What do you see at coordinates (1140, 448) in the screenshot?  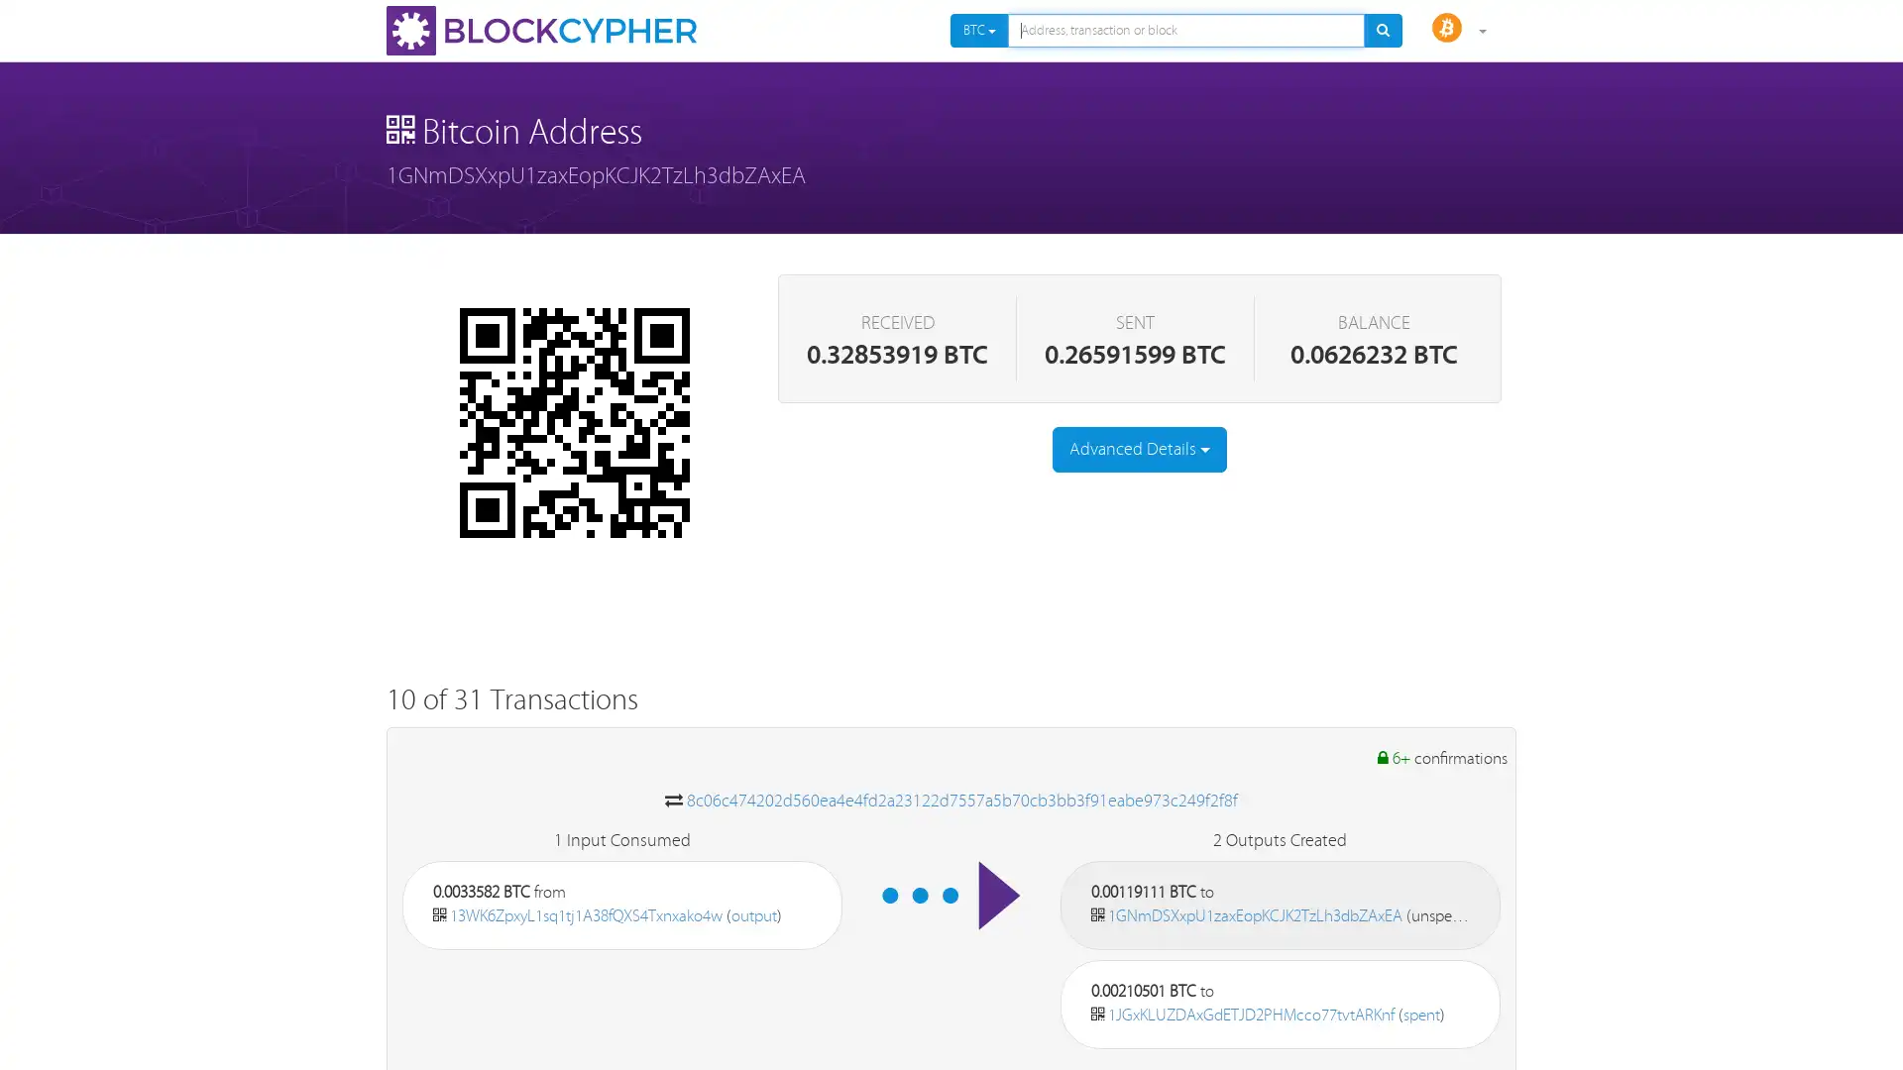 I see `Advanced Details` at bounding box center [1140, 448].